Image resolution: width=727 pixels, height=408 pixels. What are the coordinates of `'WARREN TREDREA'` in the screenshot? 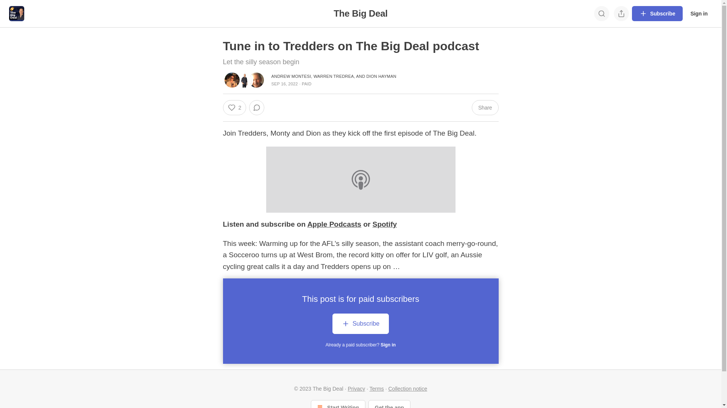 It's located at (314, 76).